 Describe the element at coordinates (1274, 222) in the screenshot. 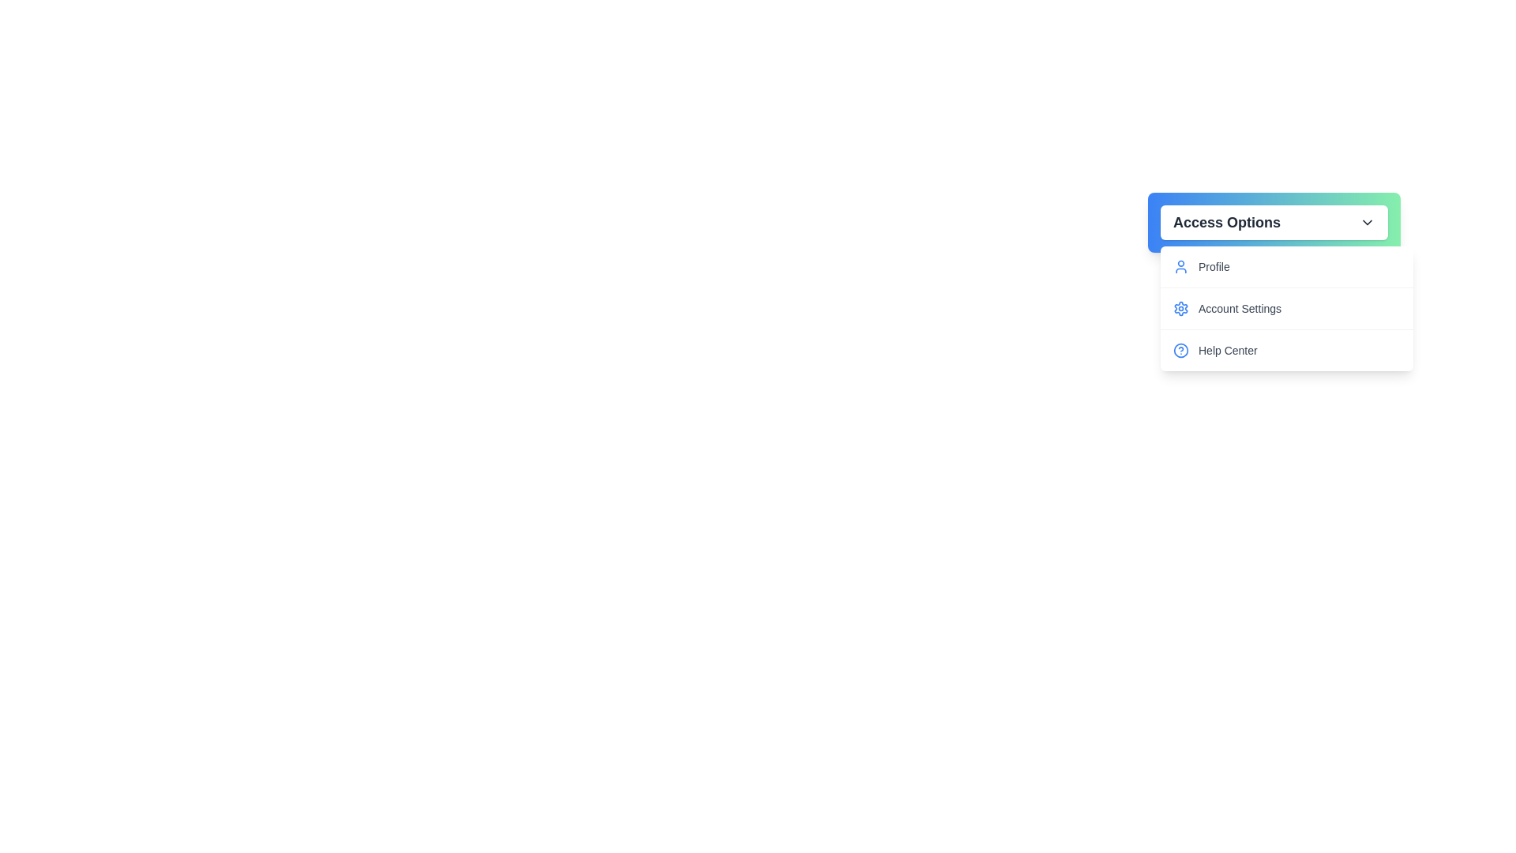

I see `the Dropdown toggle button` at that location.